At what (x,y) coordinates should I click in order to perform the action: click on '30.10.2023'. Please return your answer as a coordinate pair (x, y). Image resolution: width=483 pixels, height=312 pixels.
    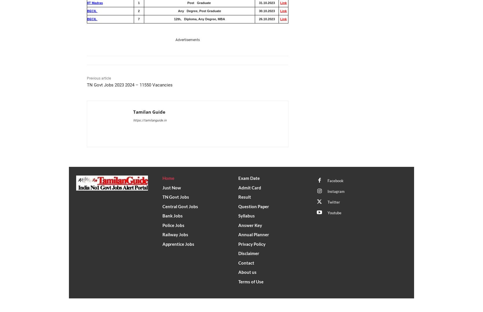
    Looking at the image, I should click on (266, 11).